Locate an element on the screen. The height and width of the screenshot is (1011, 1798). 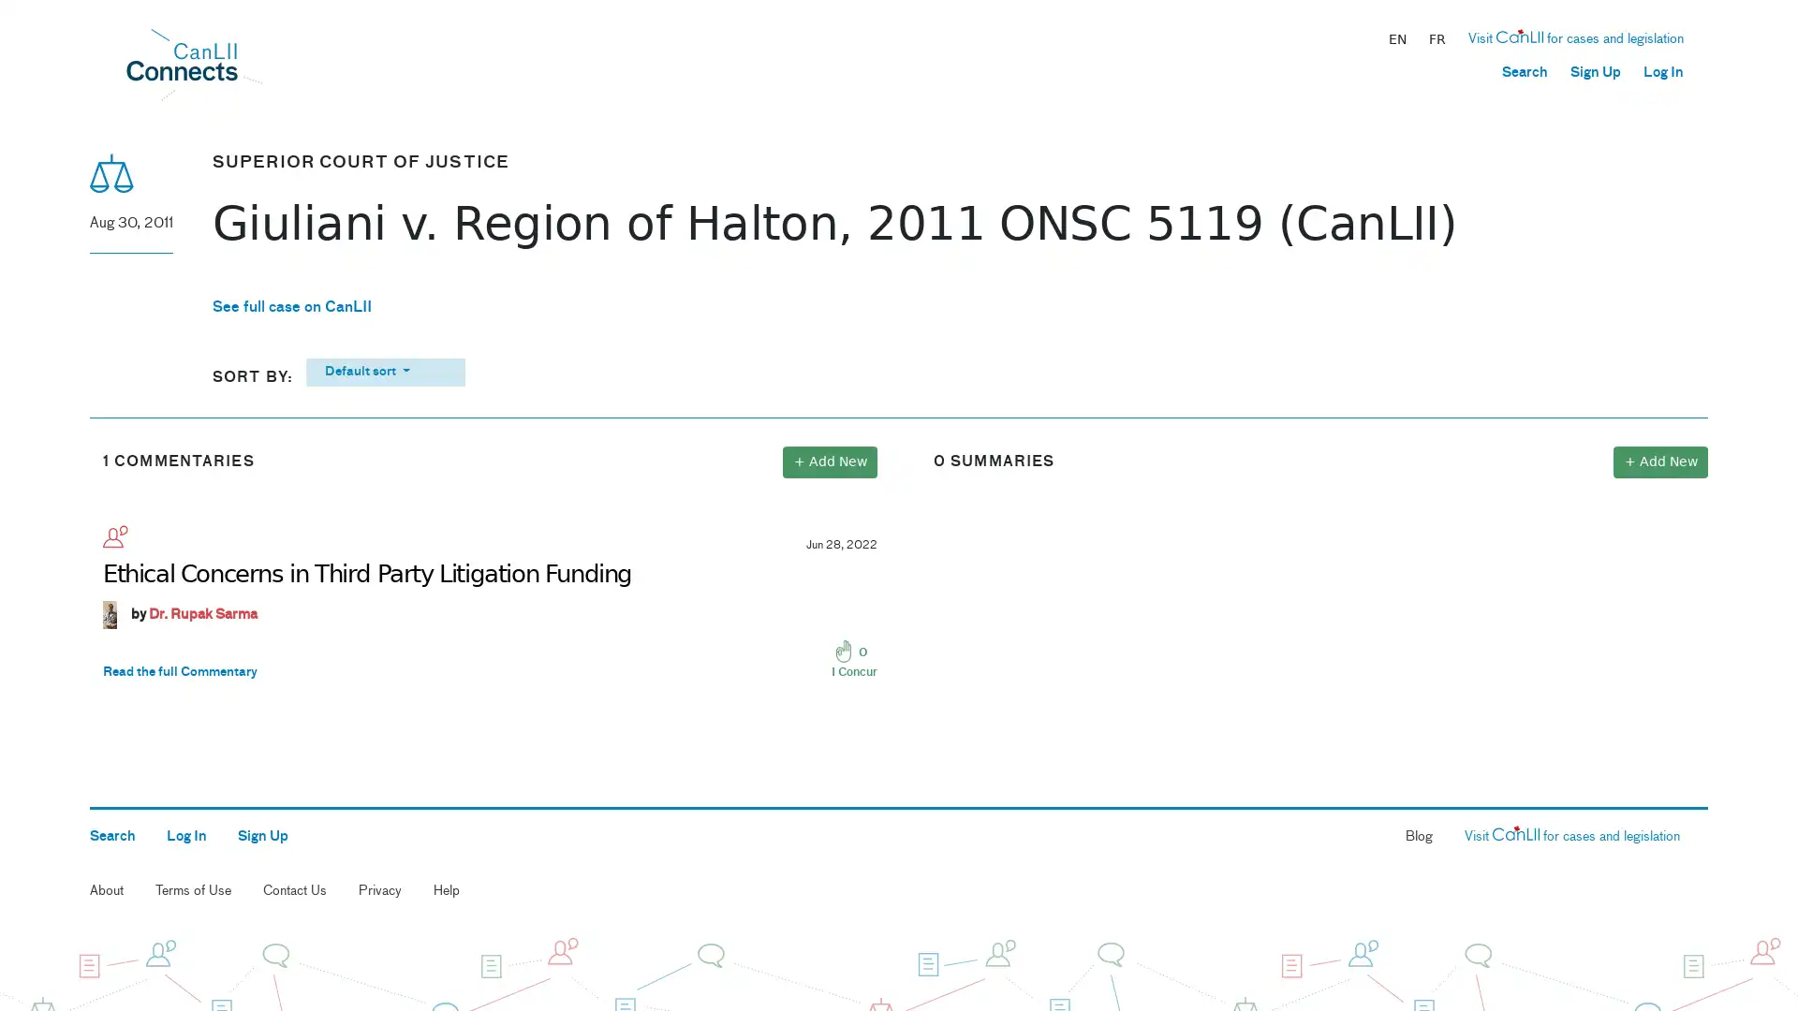
Default sort is located at coordinates (384, 372).